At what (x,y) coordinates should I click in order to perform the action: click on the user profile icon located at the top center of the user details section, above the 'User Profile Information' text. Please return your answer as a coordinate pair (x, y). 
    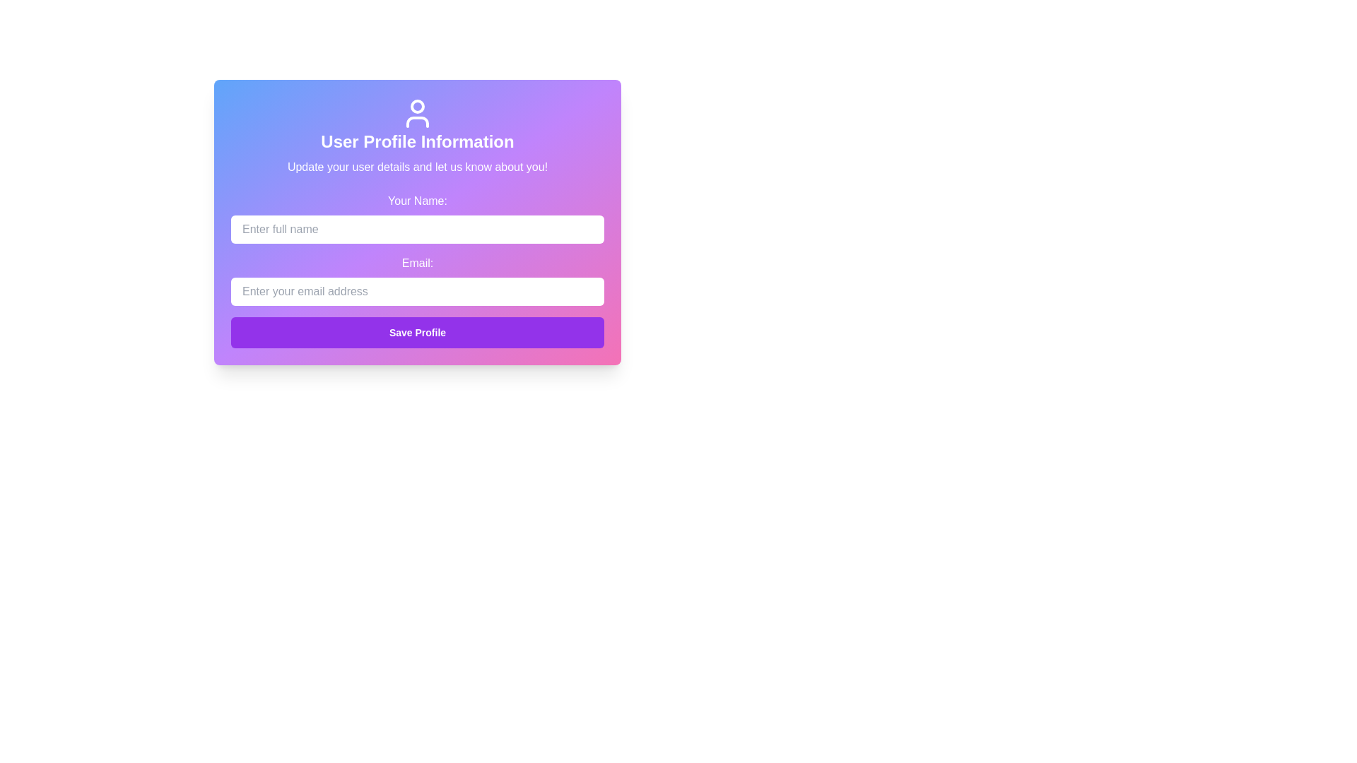
    Looking at the image, I should click on (416, 113).